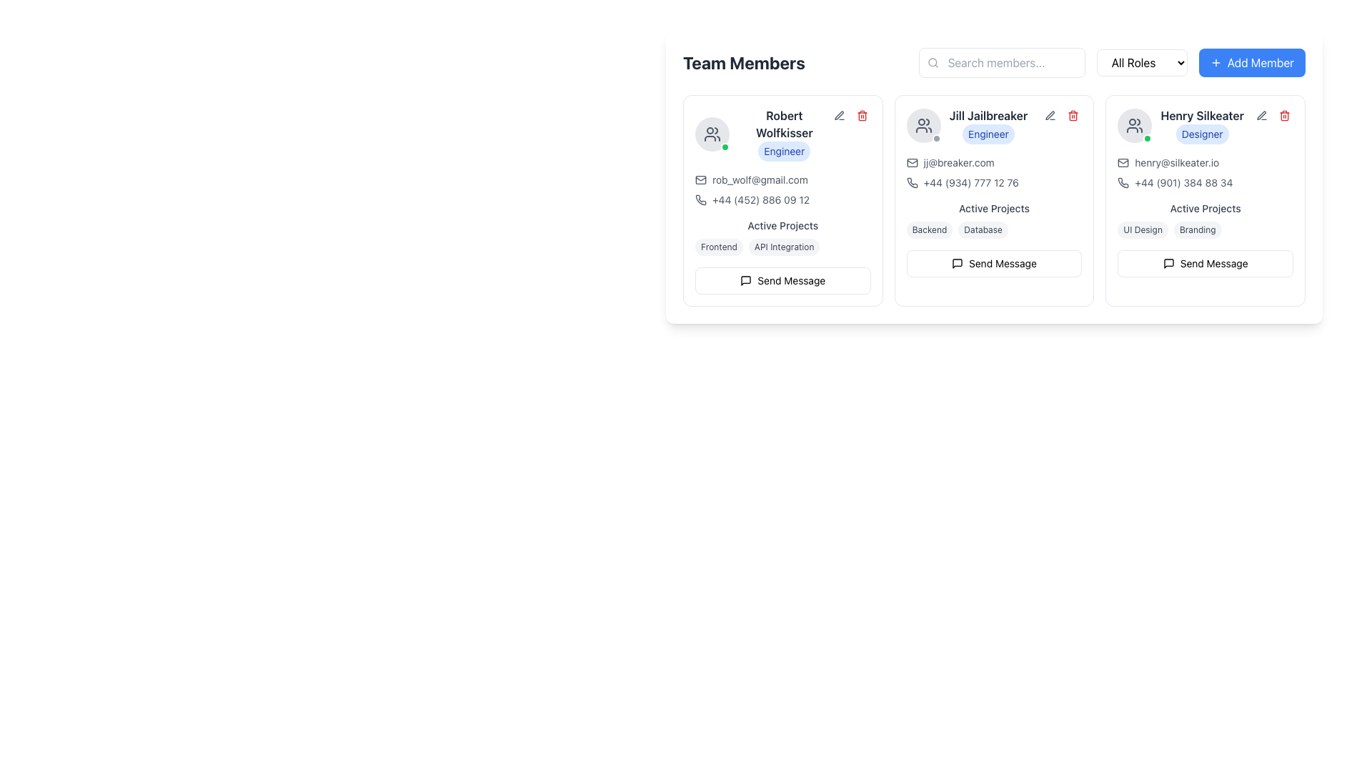 Image resolution: width=1372 pixels, height=772 pixels. Describe the element at coordinates (911, 182) in the screenshot. I see `the phone number icon located in the user card for 'Jill Jailbreaker' in the 'Team Members' section, positioned below the email address` at that location.